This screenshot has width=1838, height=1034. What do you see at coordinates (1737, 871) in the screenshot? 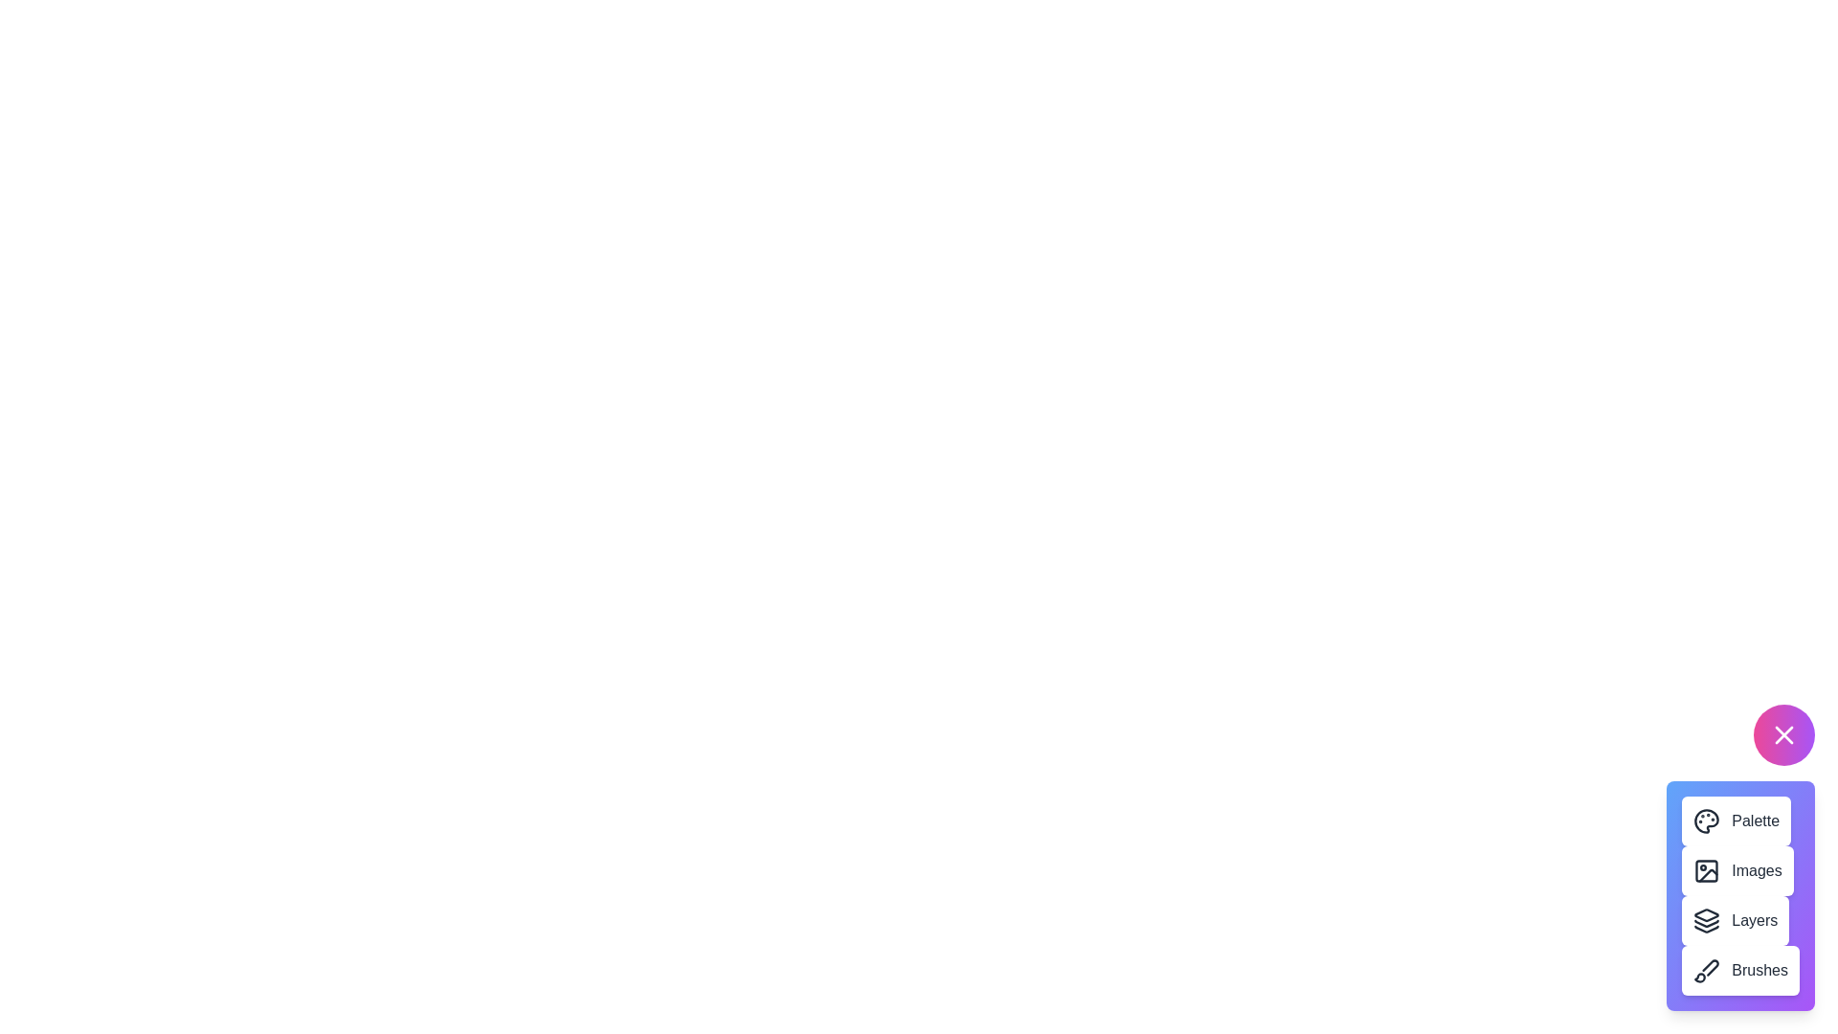
I see `the 'Images' button to view image collections` at bounding box center [1737, 871].